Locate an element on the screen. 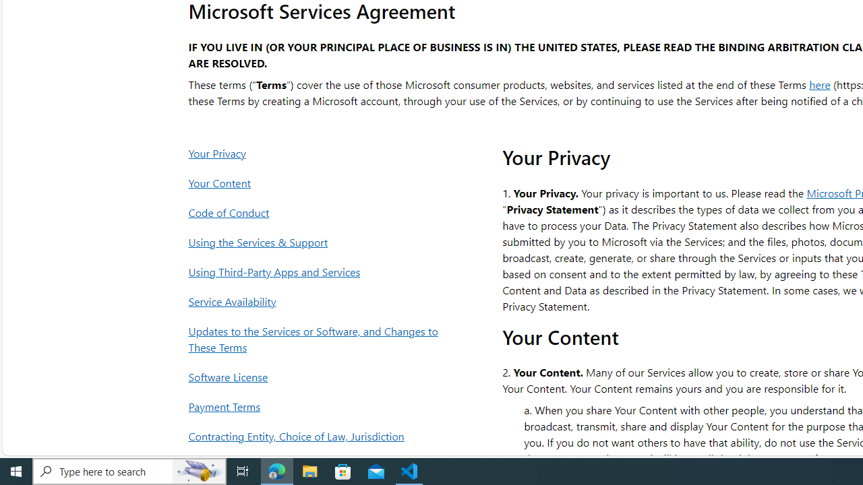 This screenshot has width=863, height=485. 'Using the Services & Support' is located at coordinates (316, 241).